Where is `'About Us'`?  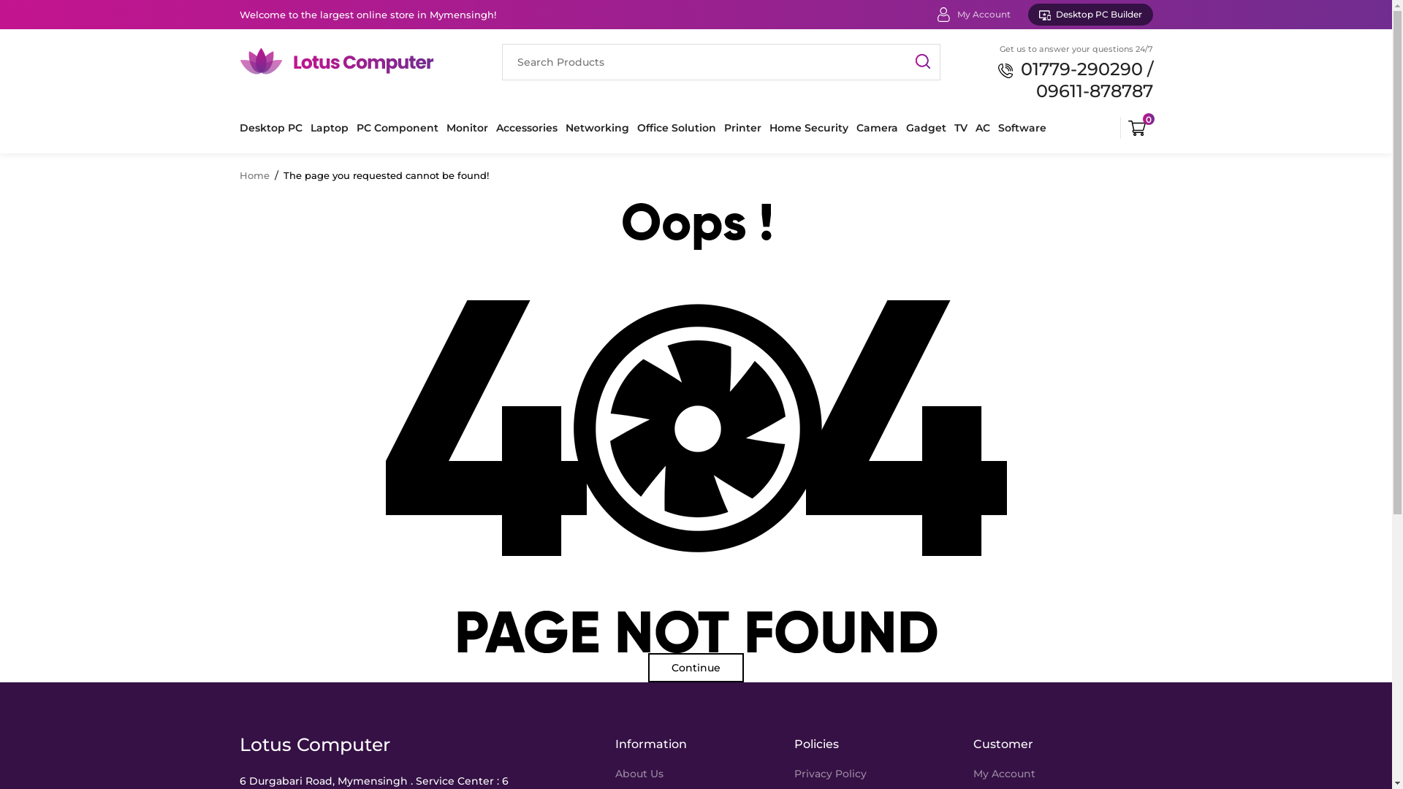 'About Us' is located at coordinates (639, 773).